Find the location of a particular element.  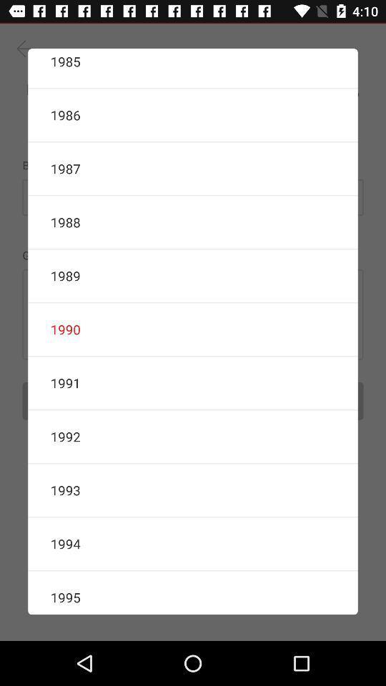

the item below 1991 item is located at coordinates (193, 436).